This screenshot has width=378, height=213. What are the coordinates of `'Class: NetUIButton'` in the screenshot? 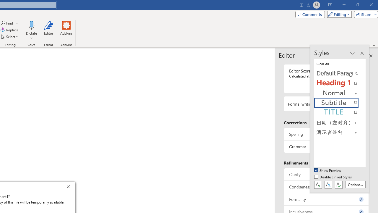 It's located at (338, 184).